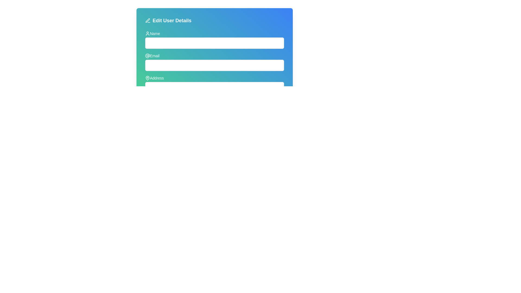 This screenshot has height=293, width=521. What do you see at coordinates (214, 84) in the screenshot?
I see `the address input field, which is the third input field in the form layout, to check for available tooltips` at bounding box center [214, 84].